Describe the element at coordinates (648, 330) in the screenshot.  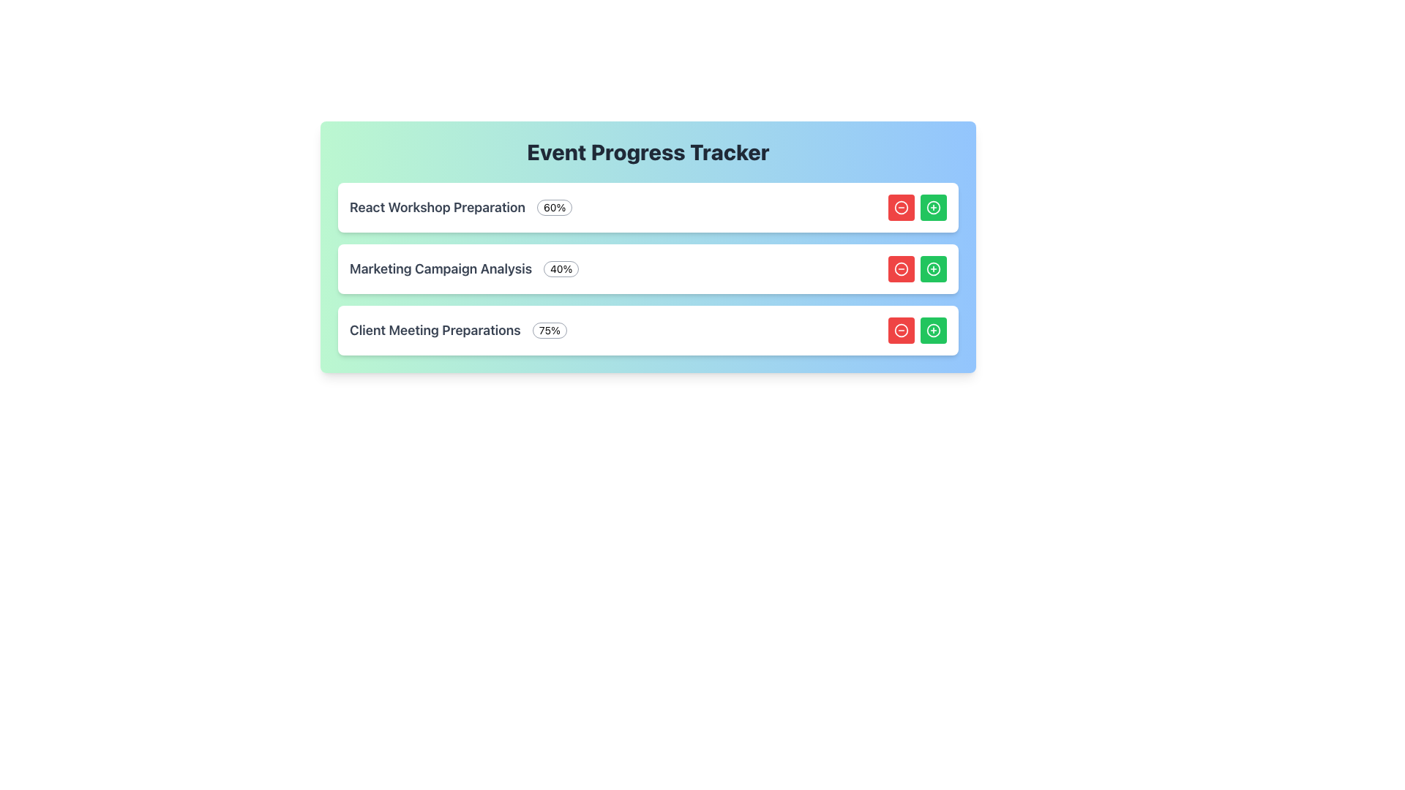
I see `the buttons surrounding the third progress item in the task list, which displays task-related information and completion percentage` at that location.